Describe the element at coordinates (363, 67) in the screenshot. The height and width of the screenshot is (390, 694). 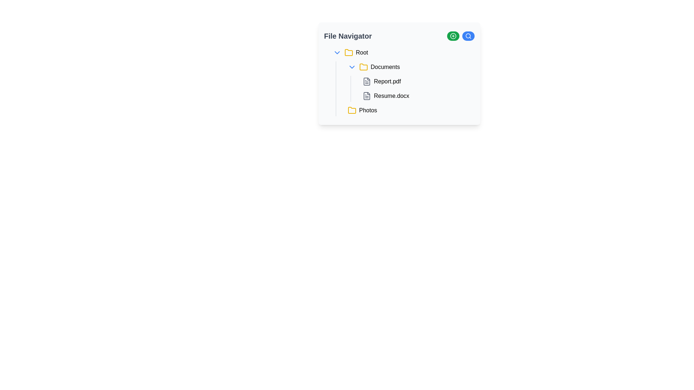
I see `the yellow folder icon located in the 'File Navigator' list, which is the second item from the left, next to the 'Documents' text` at that location.